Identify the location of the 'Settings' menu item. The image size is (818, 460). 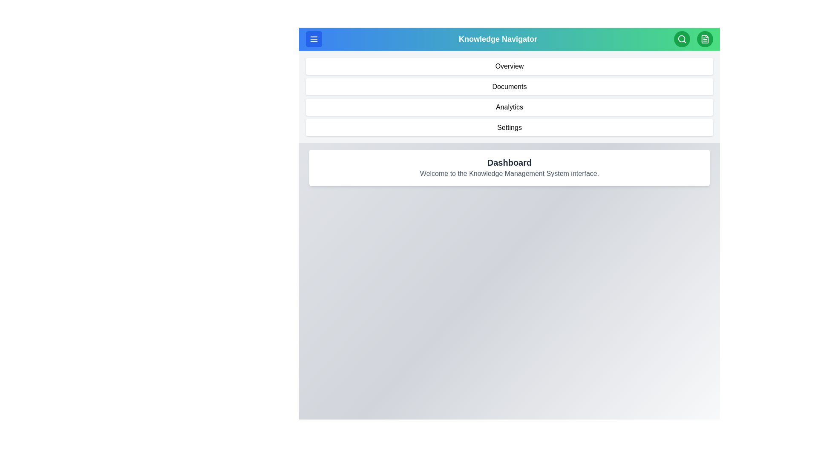
(509, 128).